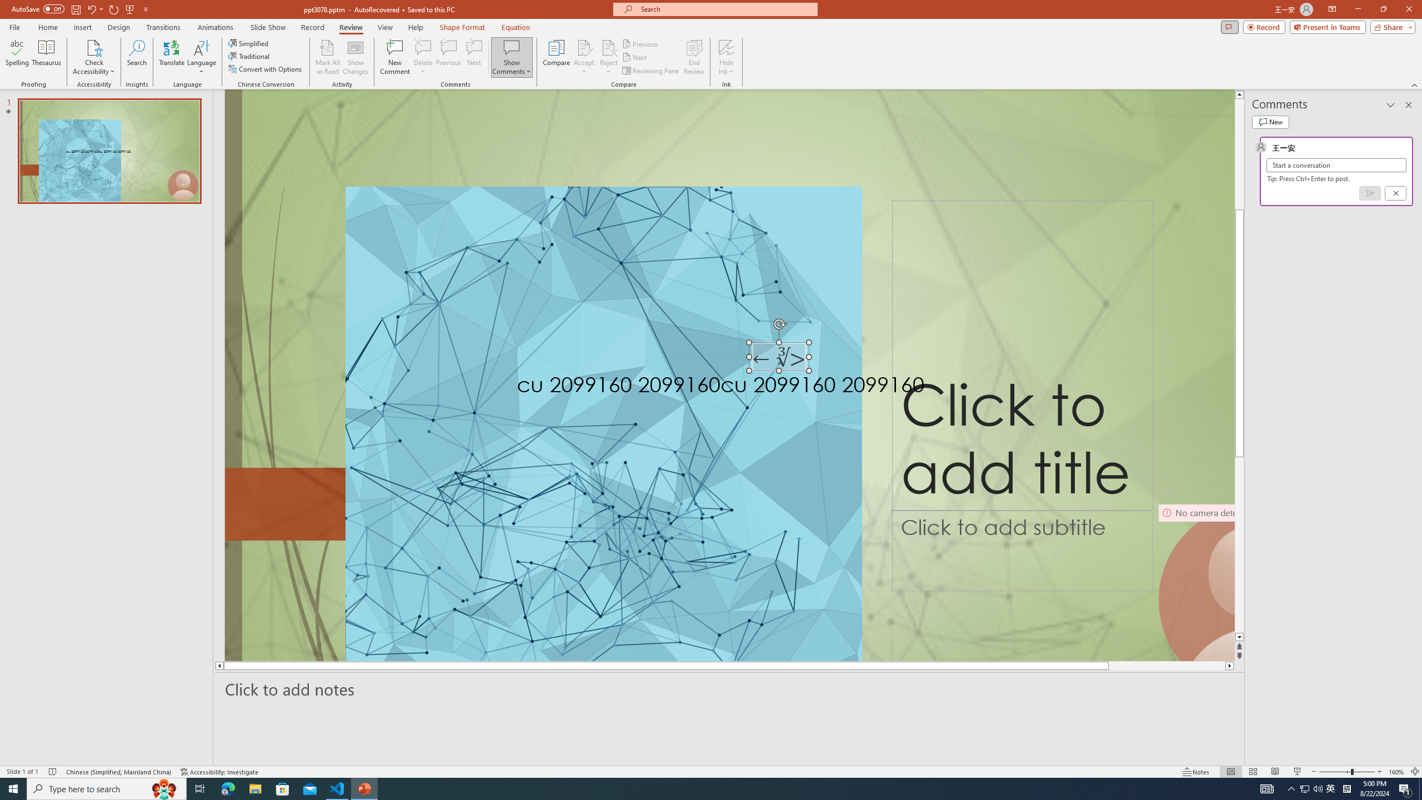  What do you see at coordinates (201, 57) in the screenshot?
I see `'Language'` at bounding box center [201, 57].